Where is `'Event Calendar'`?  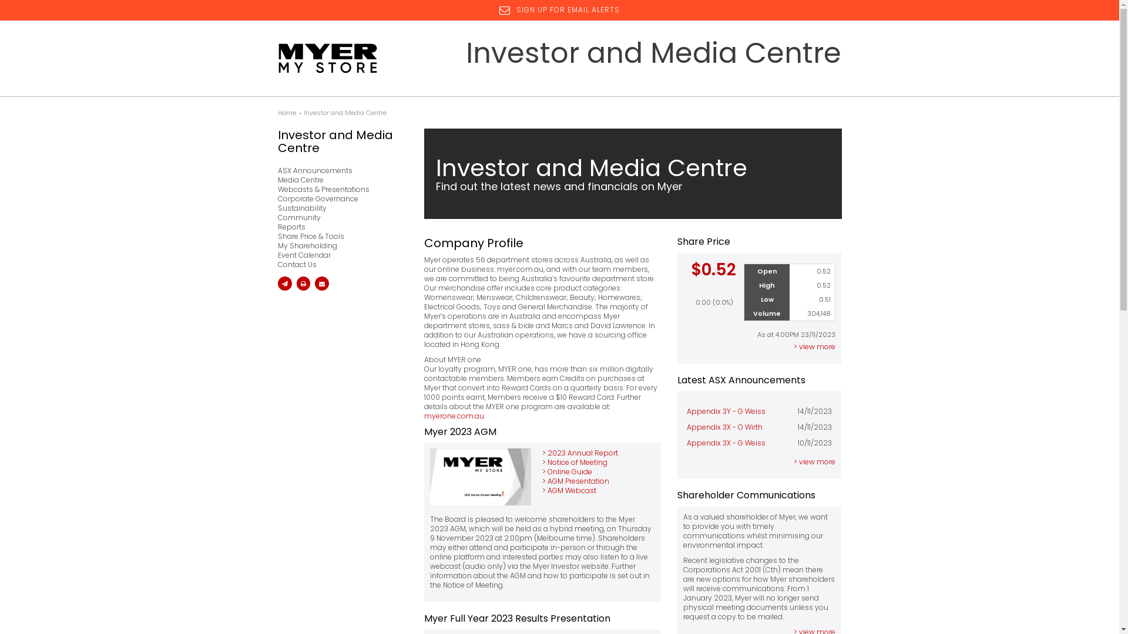
'Event Calendar' is located at coordinates (338, 255).